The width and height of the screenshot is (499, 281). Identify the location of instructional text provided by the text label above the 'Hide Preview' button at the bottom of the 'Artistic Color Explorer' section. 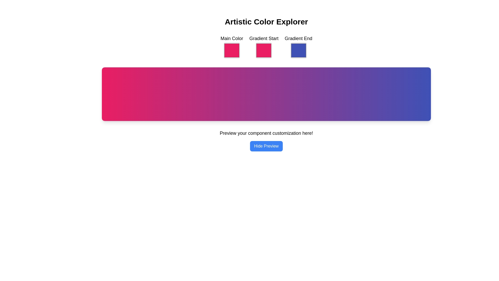
(266, 140).